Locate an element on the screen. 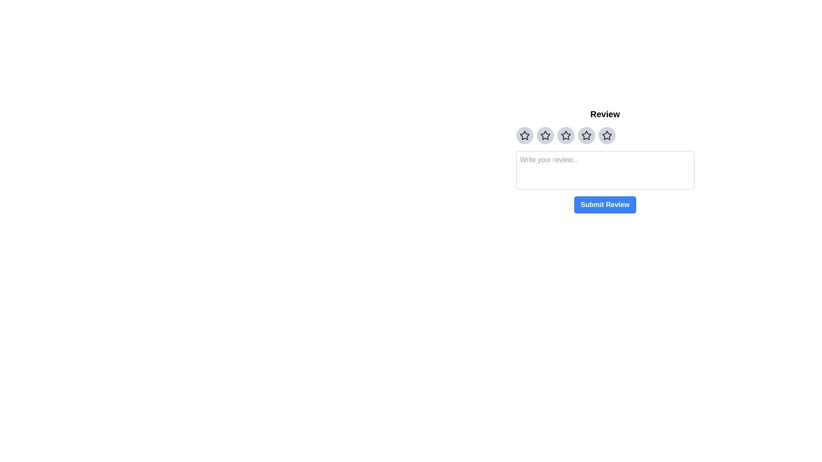 The width and height of the screenshot is (822, 462). the second circular star button is located at coordinates (545, 135).